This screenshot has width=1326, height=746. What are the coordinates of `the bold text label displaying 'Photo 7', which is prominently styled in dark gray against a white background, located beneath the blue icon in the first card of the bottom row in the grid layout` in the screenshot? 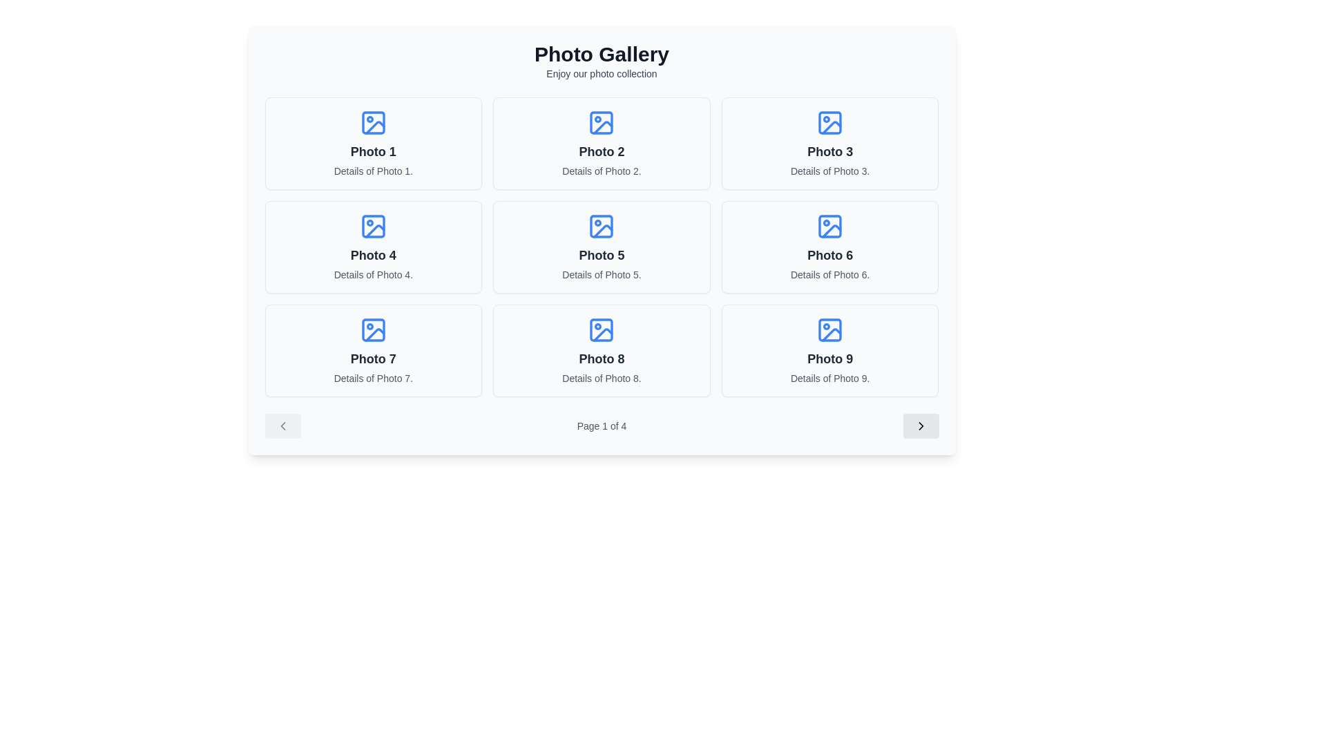 It's located at (373, 358).